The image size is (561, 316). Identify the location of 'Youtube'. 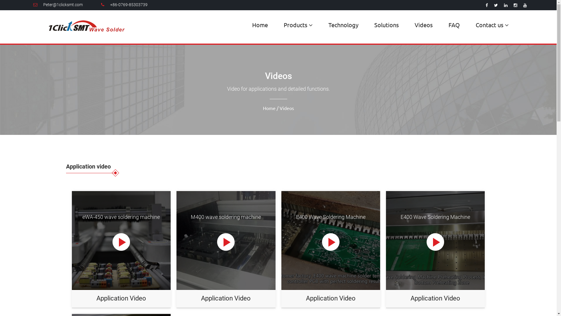
(525, 5).